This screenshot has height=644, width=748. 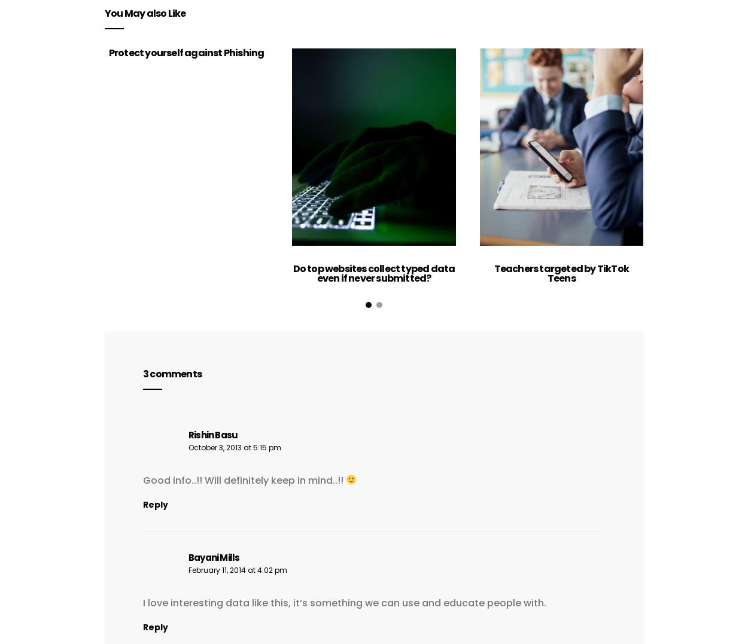 What do you see at coordinates (144, 12) in the screenshot?
I see `'You May also Like'` at bounding box center [144, 12].